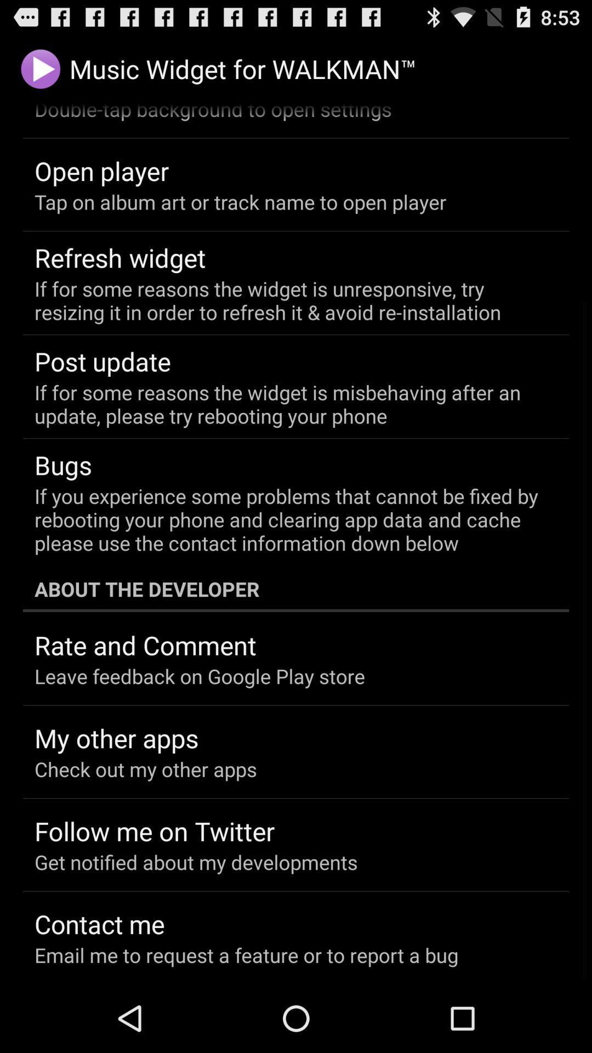 The height and width of the screenshot is (1053, 592). I want to click on item at the bottom, so click(246, 954).